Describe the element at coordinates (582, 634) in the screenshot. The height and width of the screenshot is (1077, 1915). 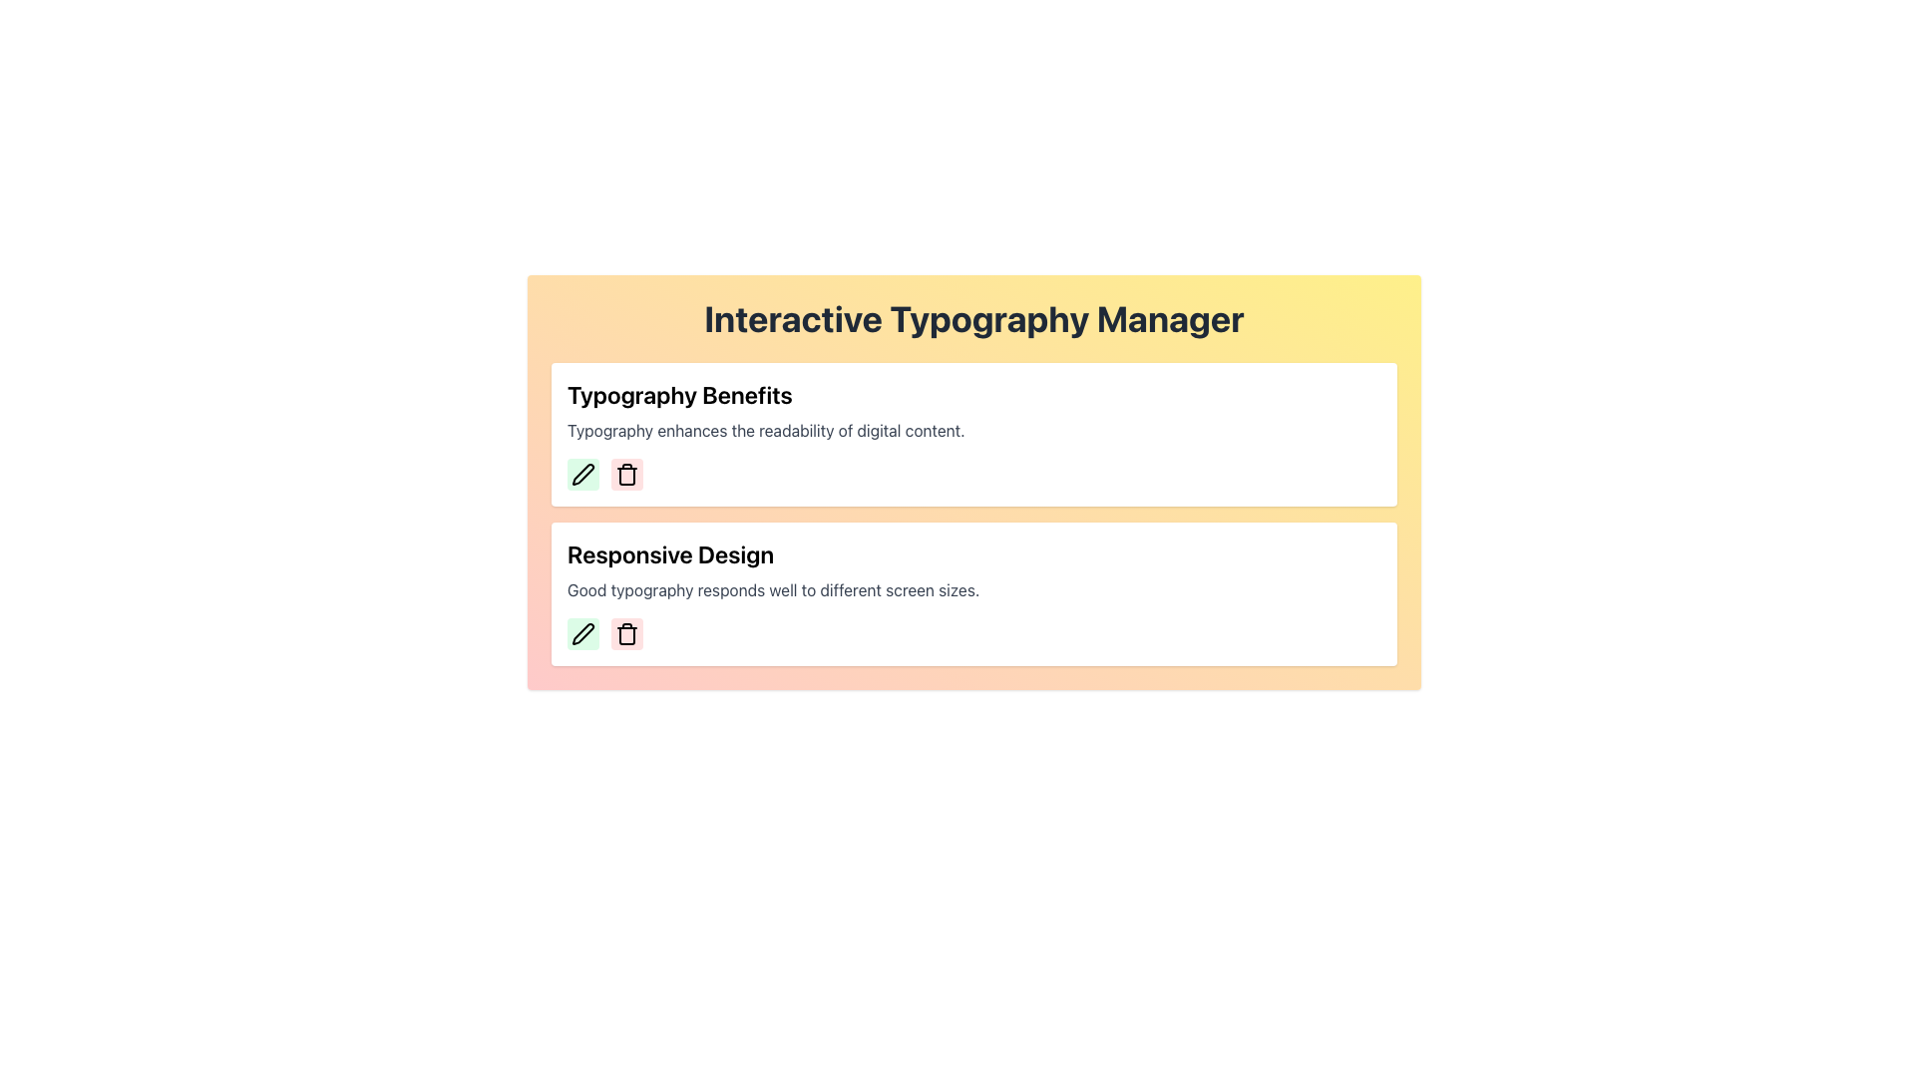
I see `the pencil icon button located in the "Typography Benefits" card to initiate editing of the card content` at that location.